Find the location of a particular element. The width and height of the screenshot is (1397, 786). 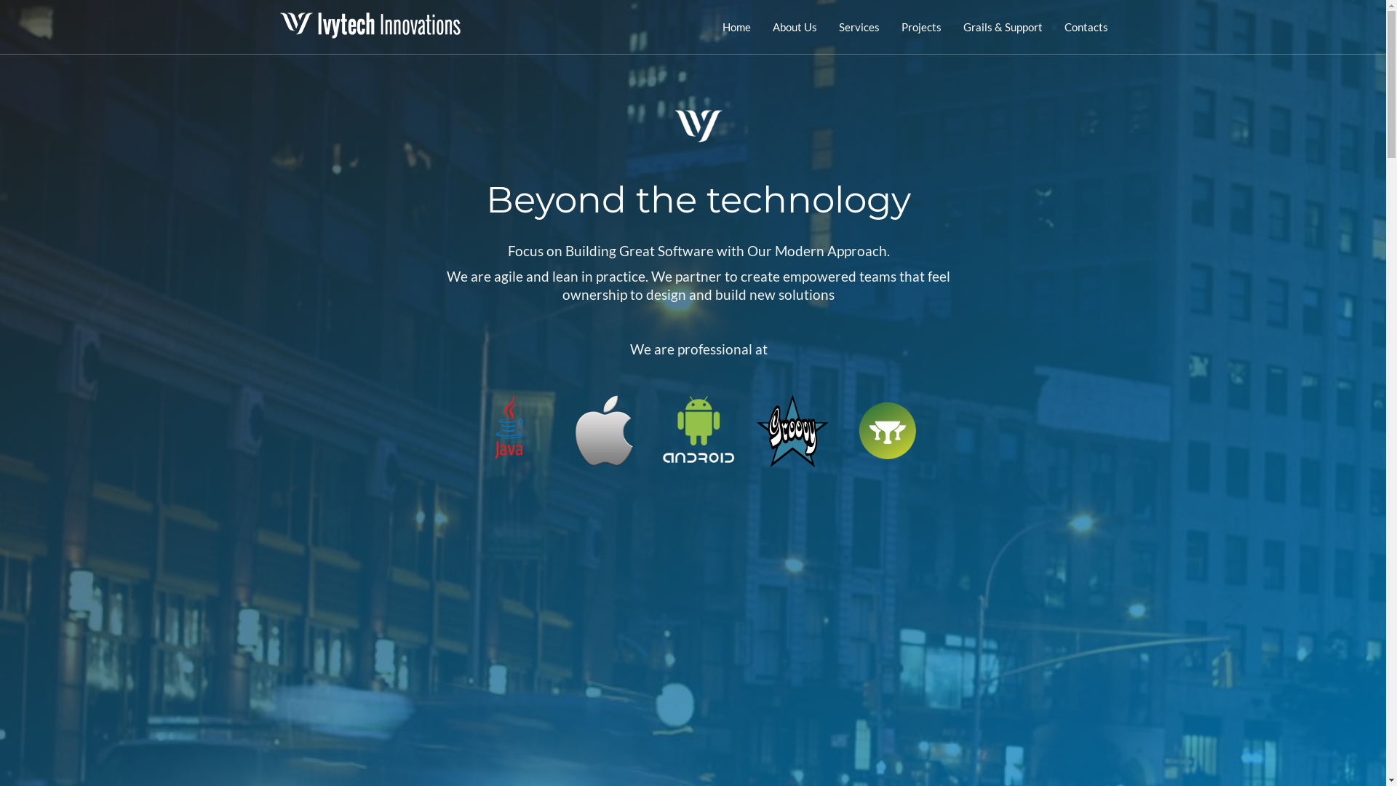

'About Us' is located at coordinates (793, 27).